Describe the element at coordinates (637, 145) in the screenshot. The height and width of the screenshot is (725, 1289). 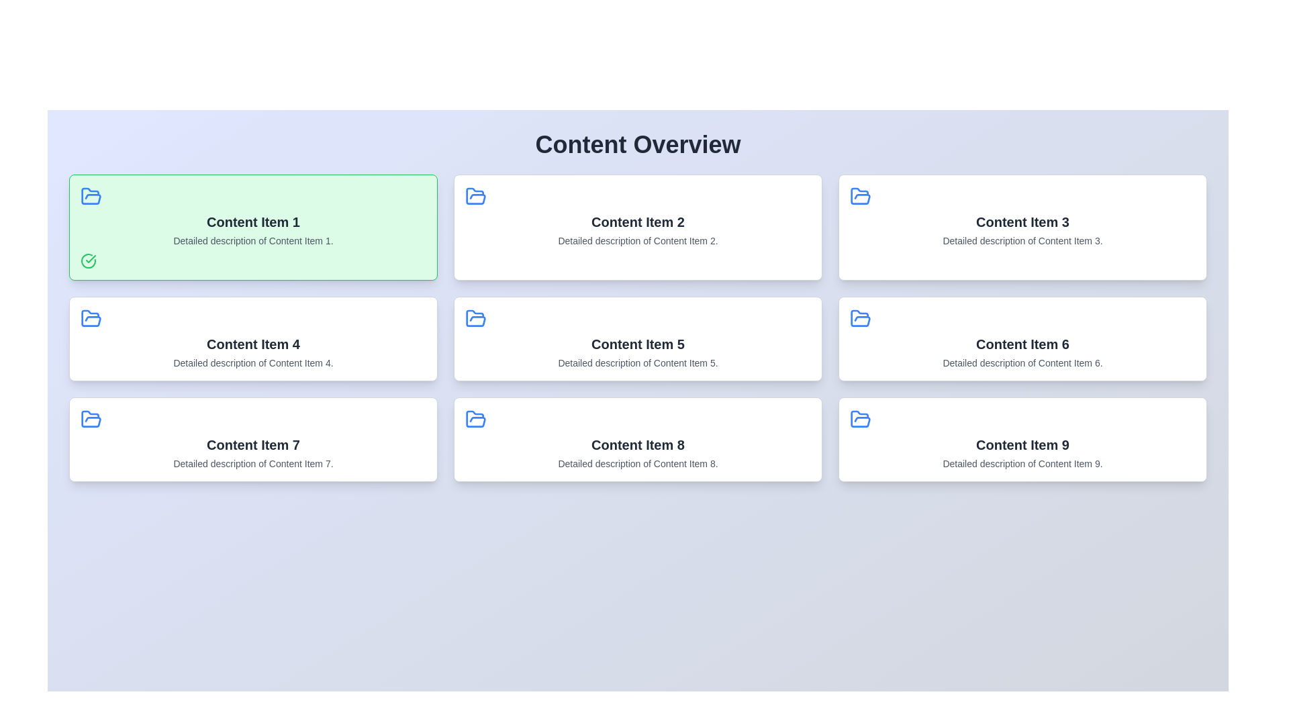
I see `text from the main title or header located at the top of the page, which introduces the content below` at that location.